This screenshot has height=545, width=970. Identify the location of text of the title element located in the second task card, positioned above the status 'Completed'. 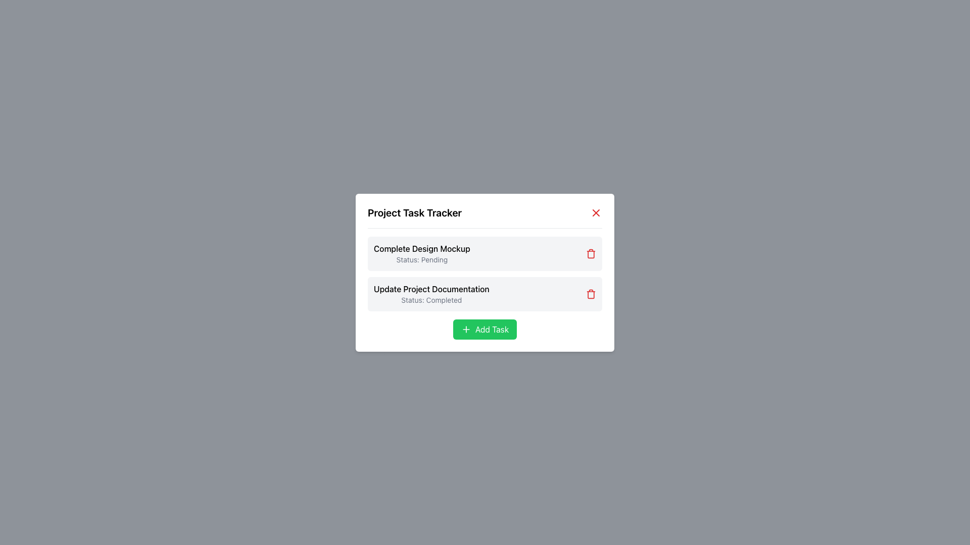
(431, 289).